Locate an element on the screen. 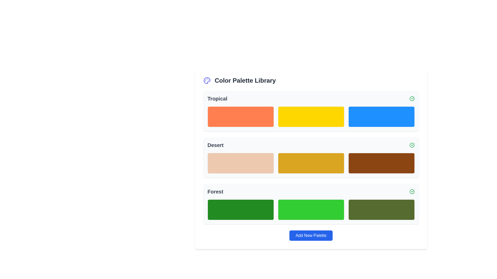 The image size is (497, 279). the dark olive-green color swatch box located in the 'Forest' grid section is located at coordinates (381, 210).